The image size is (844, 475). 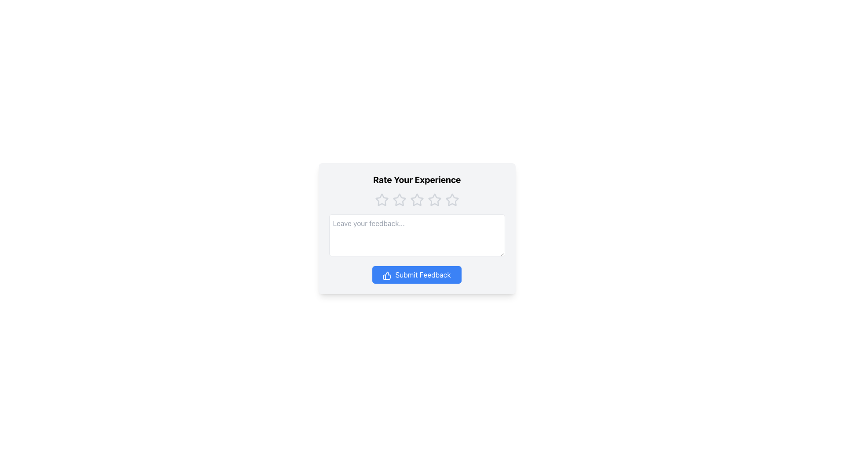 What do you see at coordinates (387, 275) in the screenshot?
I see `the thumbs-up icon with a blue background located on the left-hand side of the 'Submit Feedback' button` at bounding box center [387, 275].